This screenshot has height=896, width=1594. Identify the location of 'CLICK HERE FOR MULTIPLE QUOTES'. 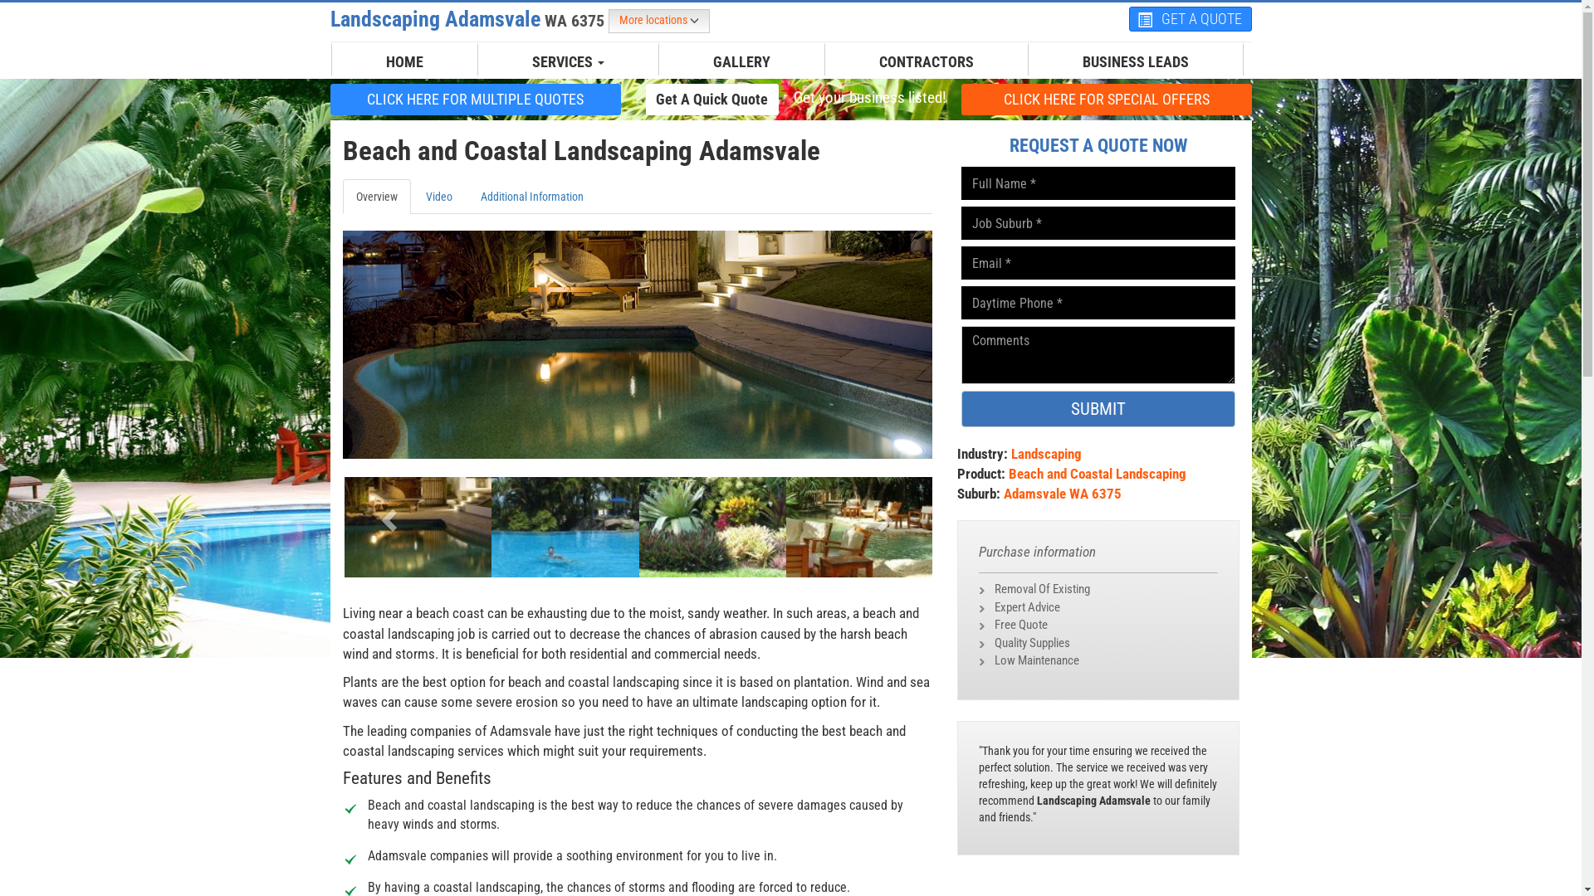
(474, 99).